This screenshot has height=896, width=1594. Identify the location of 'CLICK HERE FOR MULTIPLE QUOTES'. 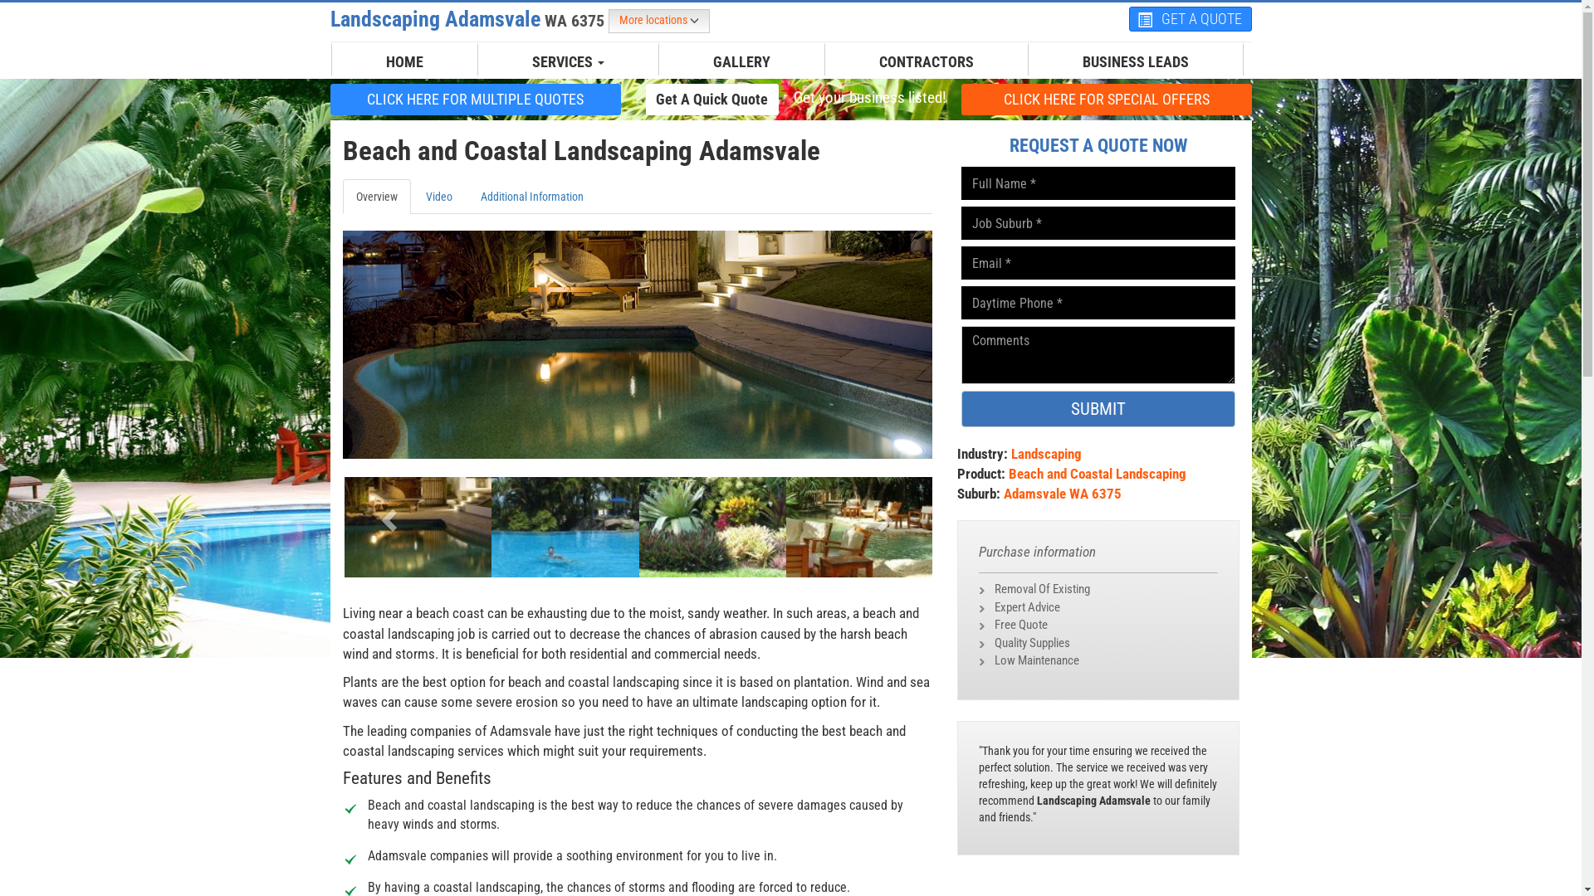
(474, 99).